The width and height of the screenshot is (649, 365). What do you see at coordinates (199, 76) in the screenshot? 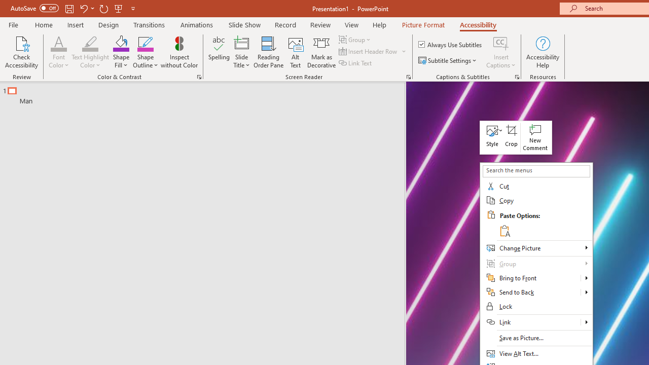
I see `'Color & Contrast'` at bounding box center [199, 76].